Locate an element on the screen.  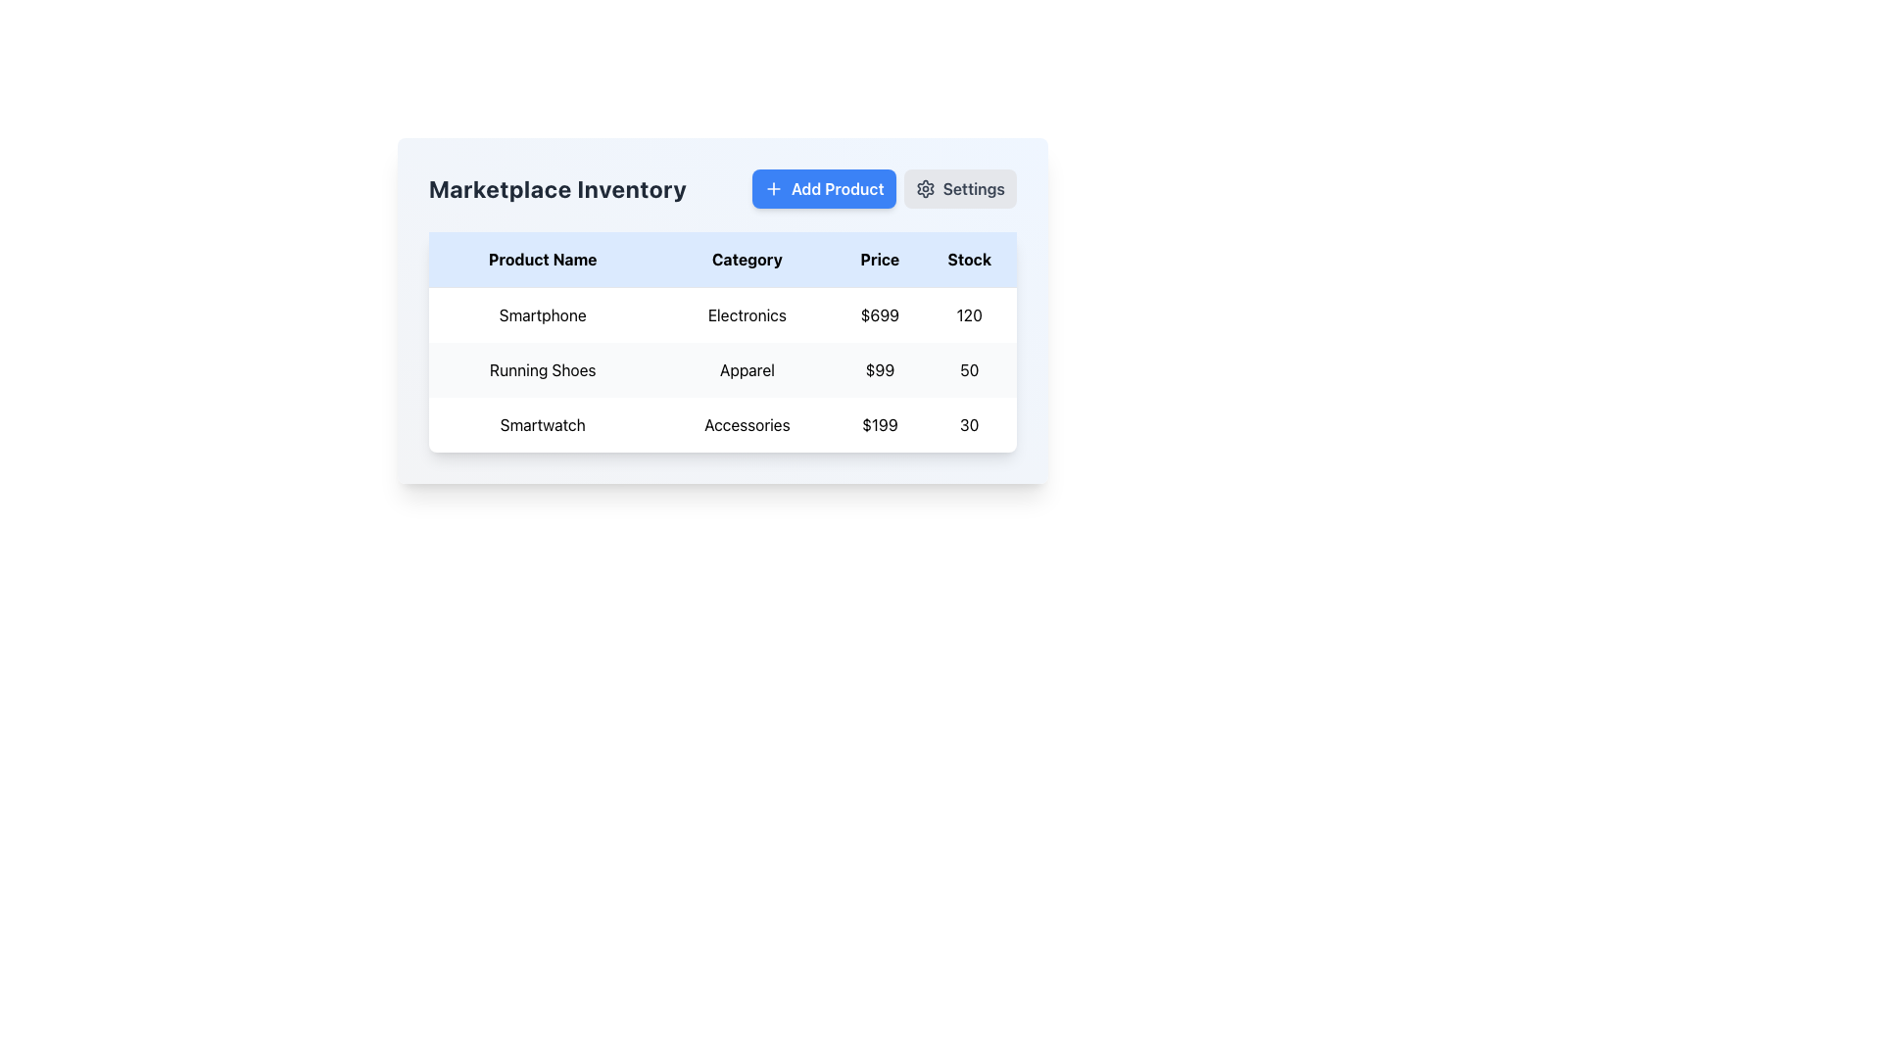
the 'Price' text label in bold black font, located in the third column of the table header is located at coordinates (879, 259).